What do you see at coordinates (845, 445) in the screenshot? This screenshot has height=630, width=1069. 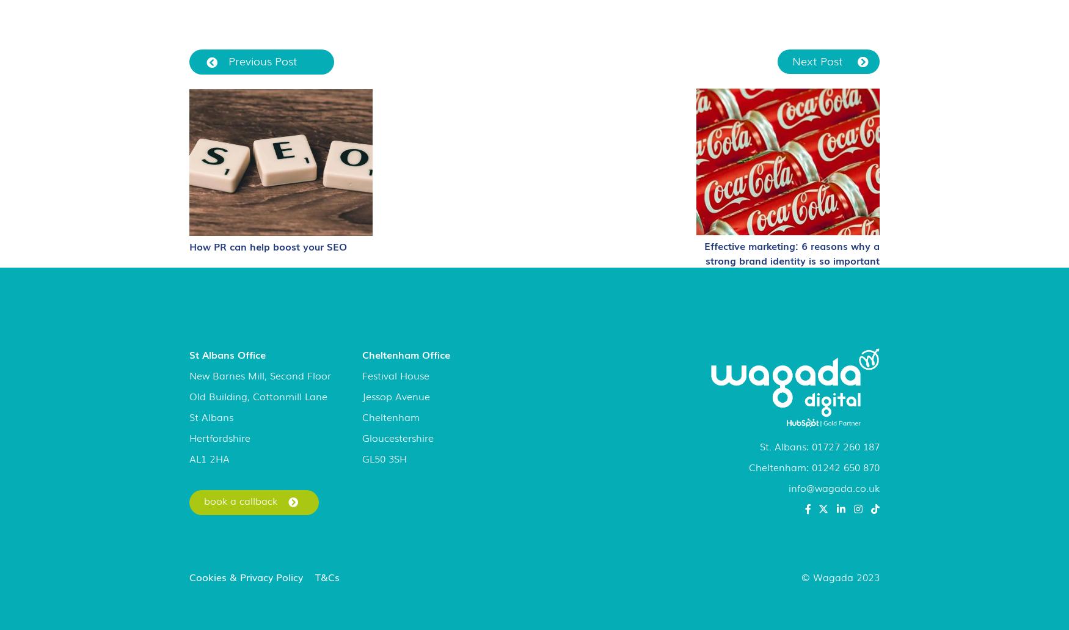 I see `'01727 260 187'` at bounding box center [845, 445].